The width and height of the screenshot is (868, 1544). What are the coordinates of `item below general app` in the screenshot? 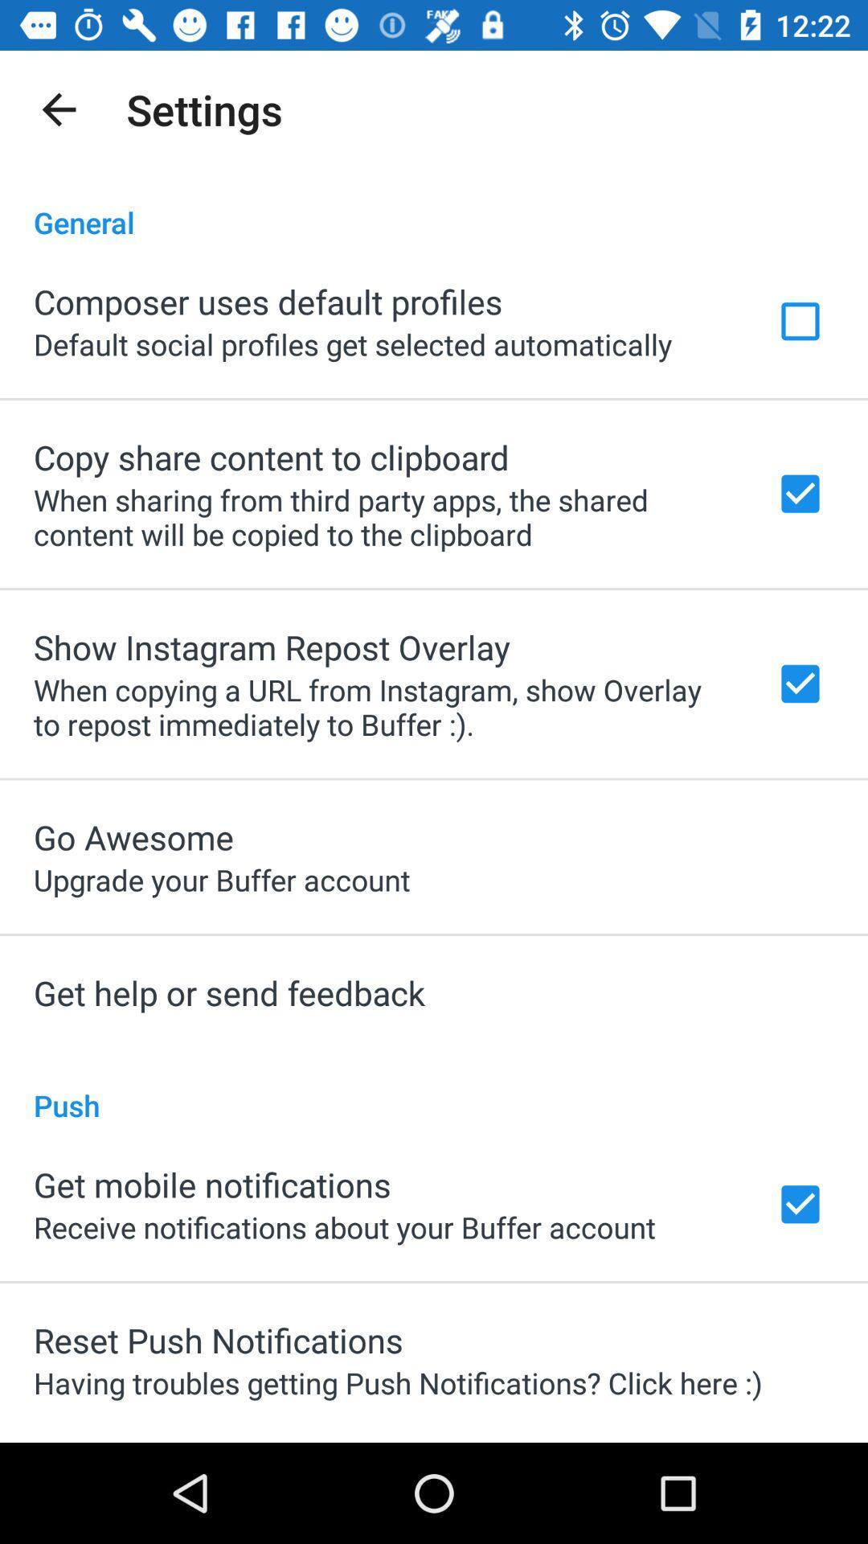 It's located at (267, 301).